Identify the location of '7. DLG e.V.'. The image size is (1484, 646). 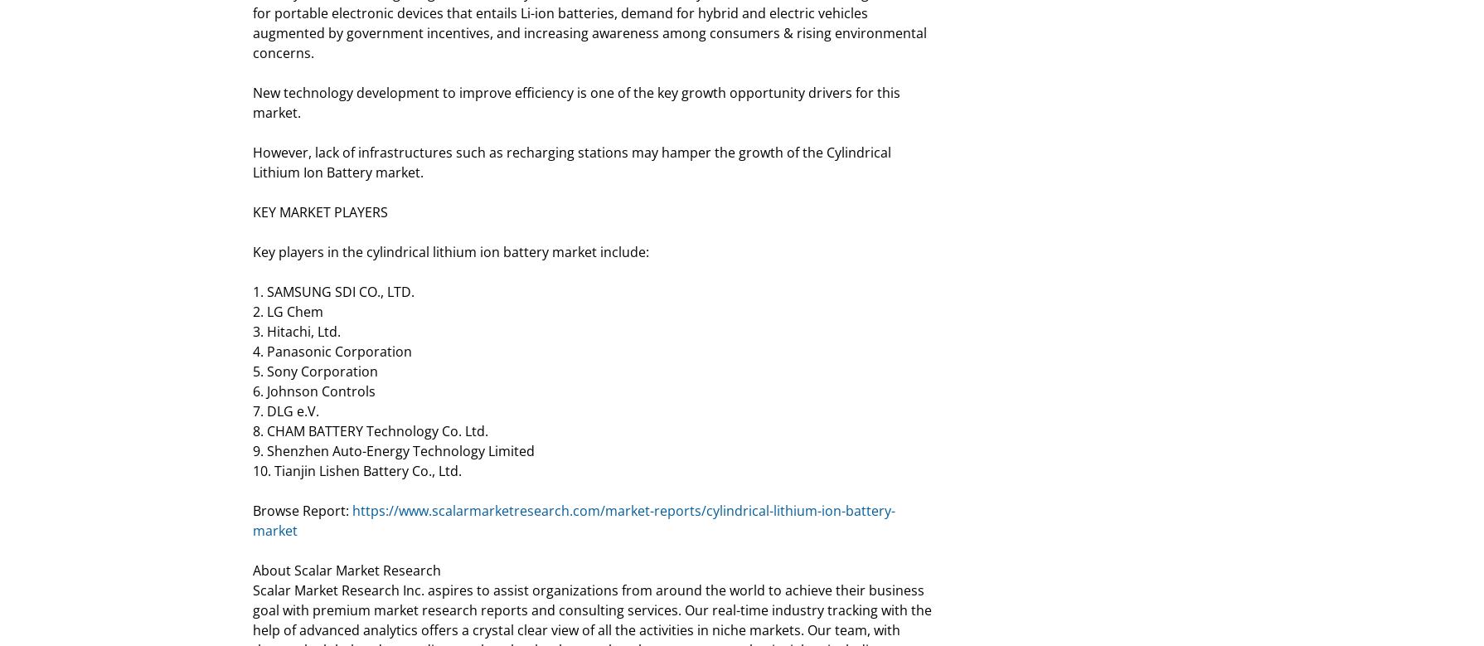
(285, 410).